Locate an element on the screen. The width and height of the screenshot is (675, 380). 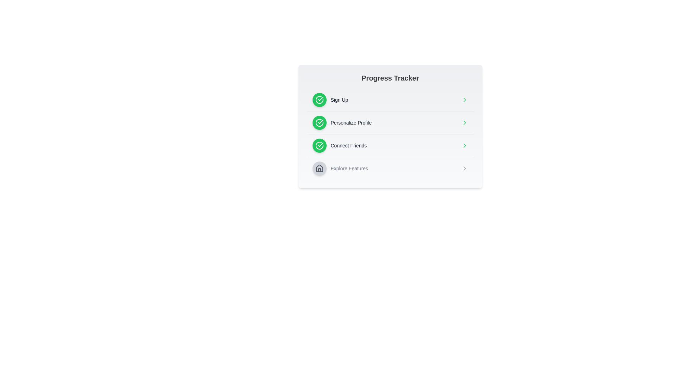
the right-pointing green chevron icon located at the far right of the 'Sign Up' list item is located at coordinates (464, 100).